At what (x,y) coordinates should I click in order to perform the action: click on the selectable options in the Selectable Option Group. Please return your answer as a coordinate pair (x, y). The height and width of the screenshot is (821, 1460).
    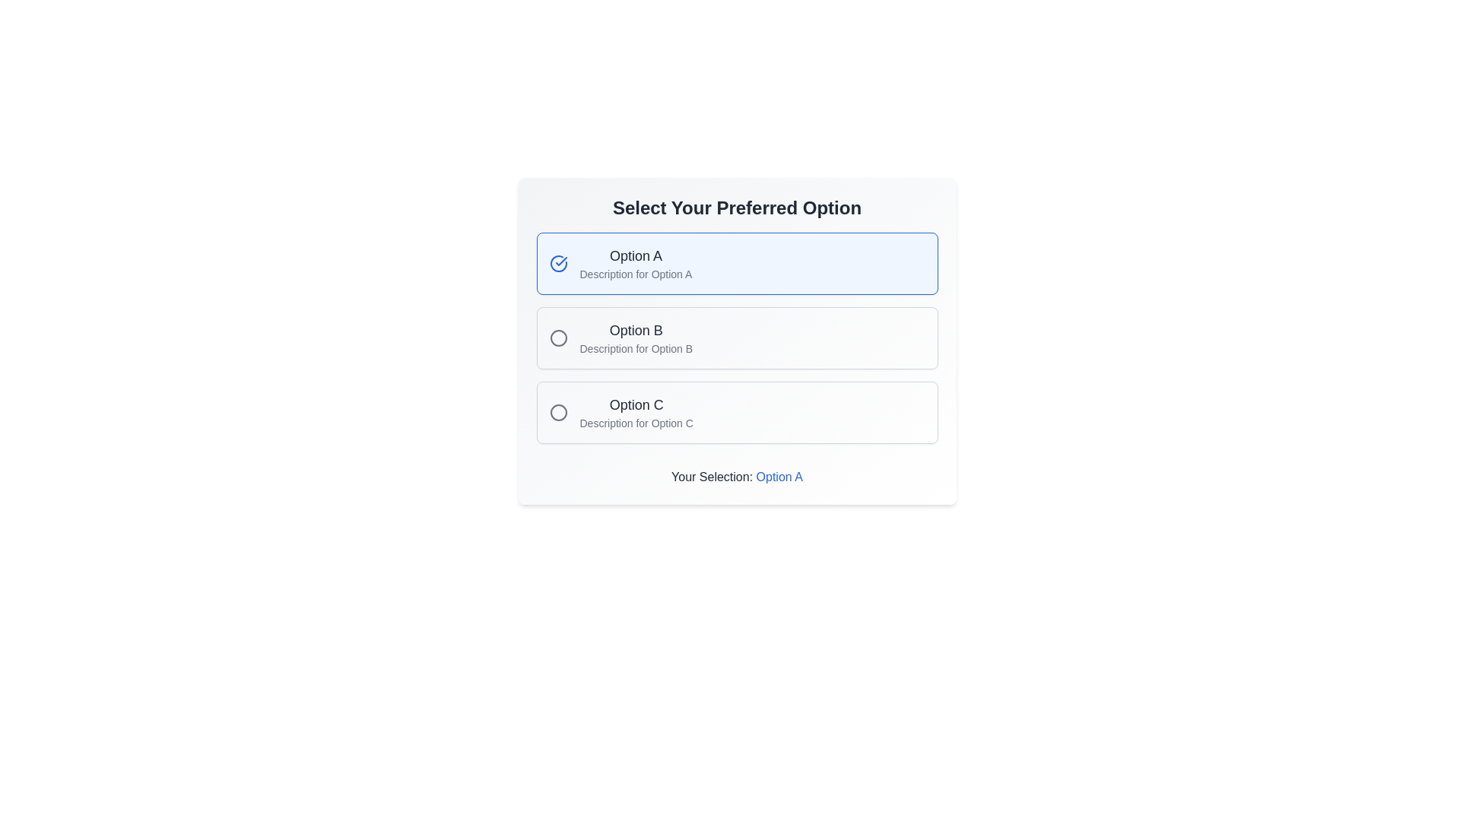
    Looking at the image, I should click on (737, 340).